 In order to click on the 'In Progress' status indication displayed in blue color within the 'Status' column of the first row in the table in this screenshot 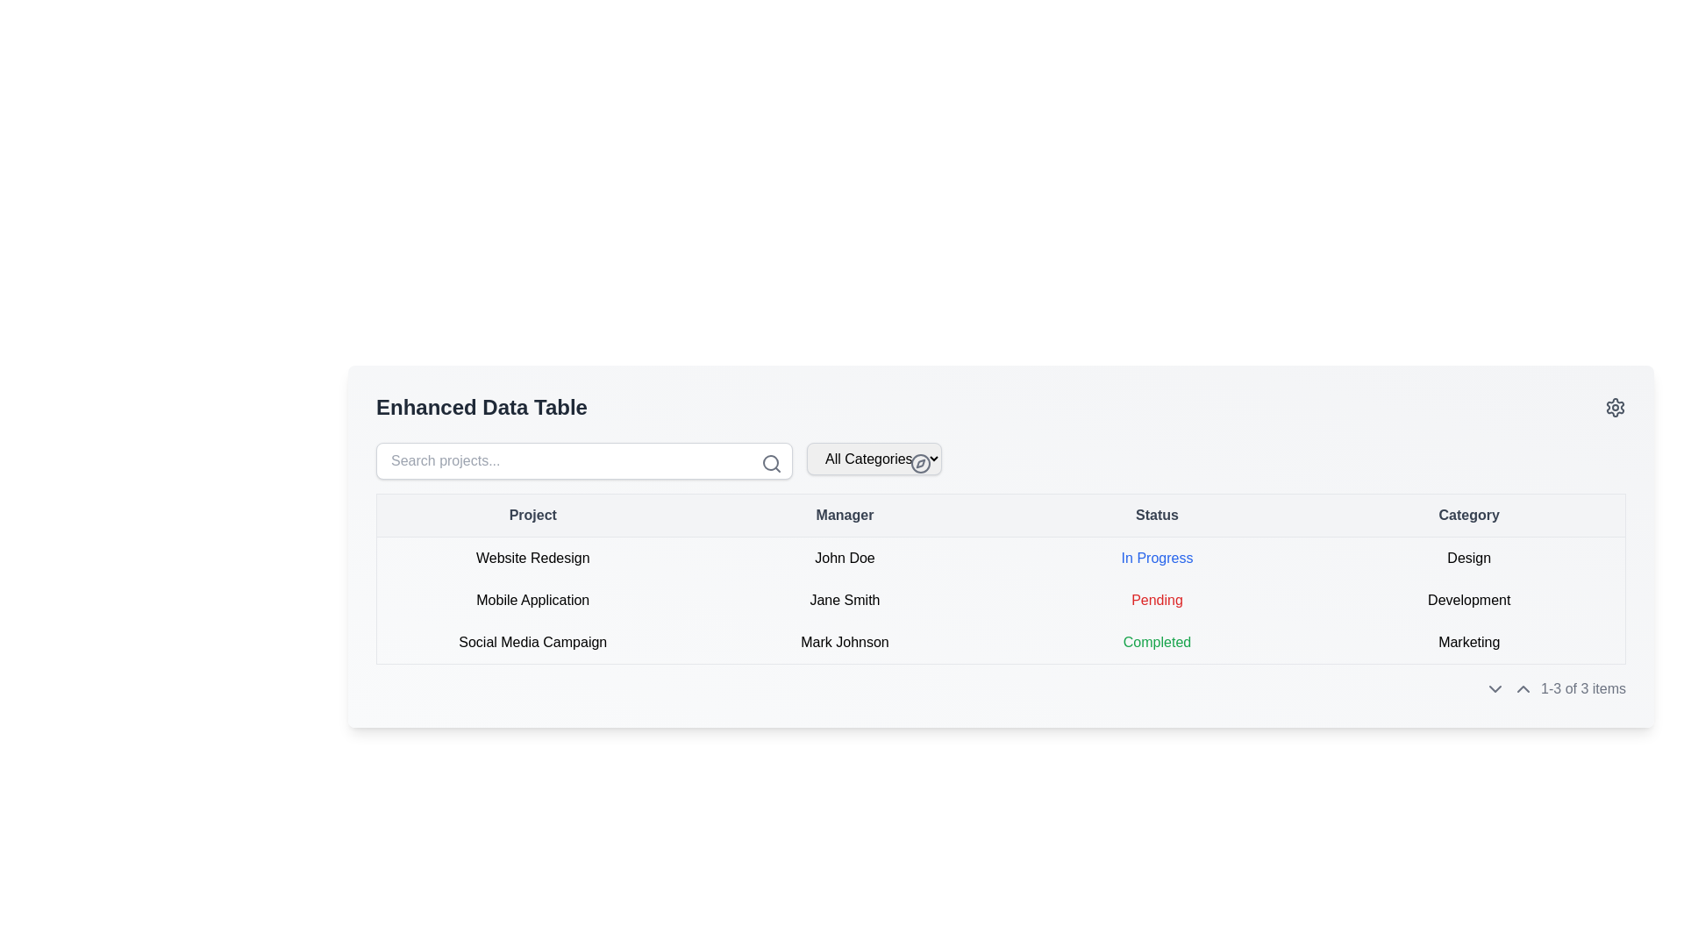, I will do `click(1157, 558)`.